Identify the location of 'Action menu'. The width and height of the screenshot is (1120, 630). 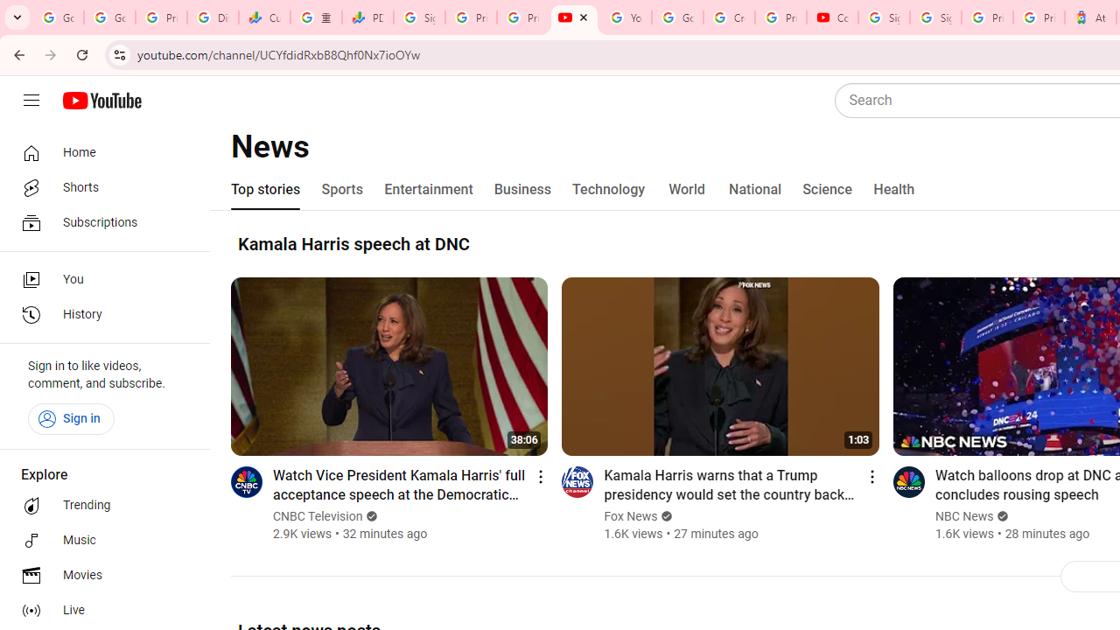
(871, 476).